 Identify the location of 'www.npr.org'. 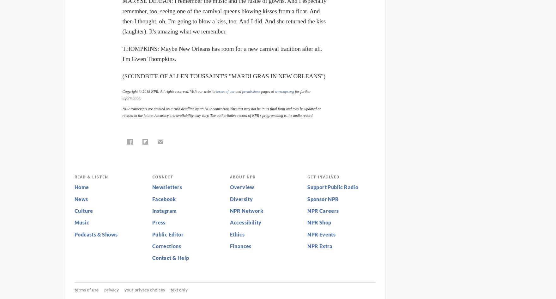
(284, 91).